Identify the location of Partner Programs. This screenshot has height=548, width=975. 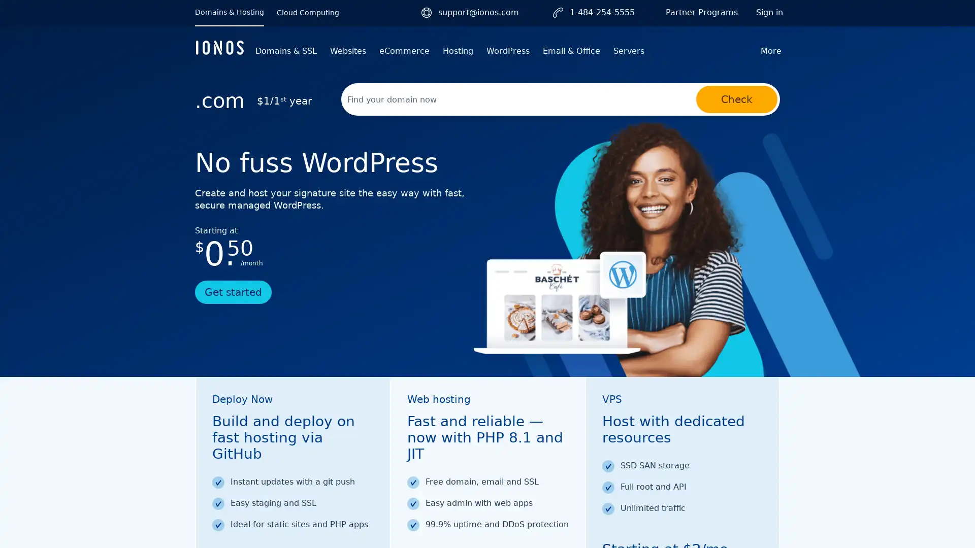
(701, 12).